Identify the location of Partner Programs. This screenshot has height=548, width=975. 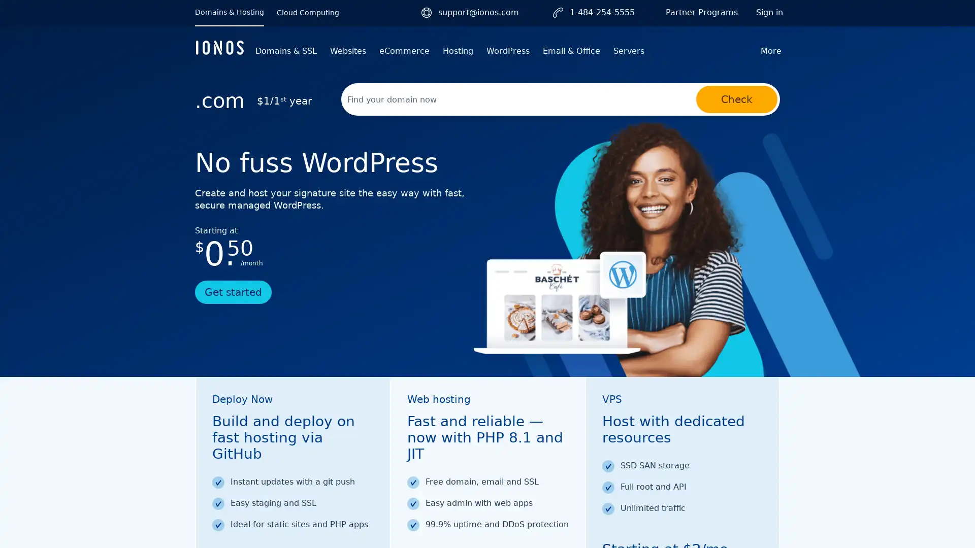
(701, 12).